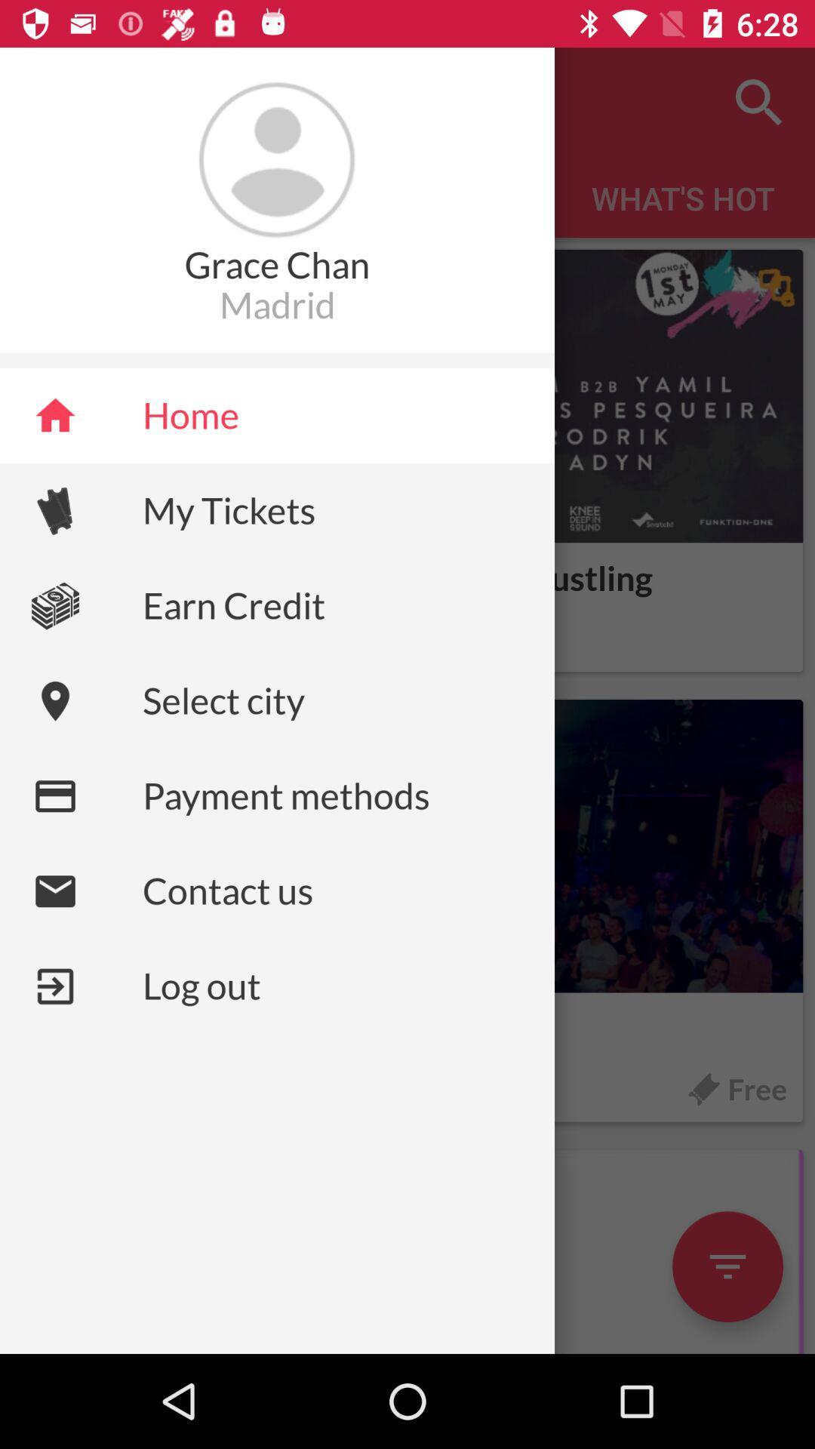  Describe the element at coordinates (727, 1266) in the screenshot. I see `the filter icon` at that location.